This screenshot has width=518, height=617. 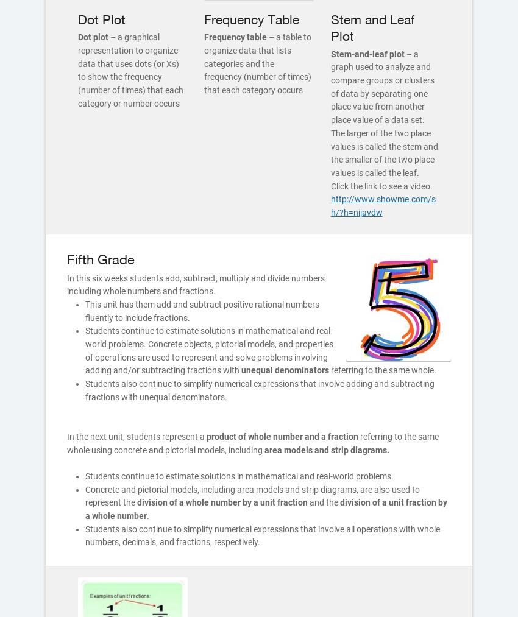 What do you see at coordinates (202, 311) in the screenshot?
I see `'This unit has them add and subtract positive rational numbers fluently to include fractions.'` at bounding box center [202, 311].